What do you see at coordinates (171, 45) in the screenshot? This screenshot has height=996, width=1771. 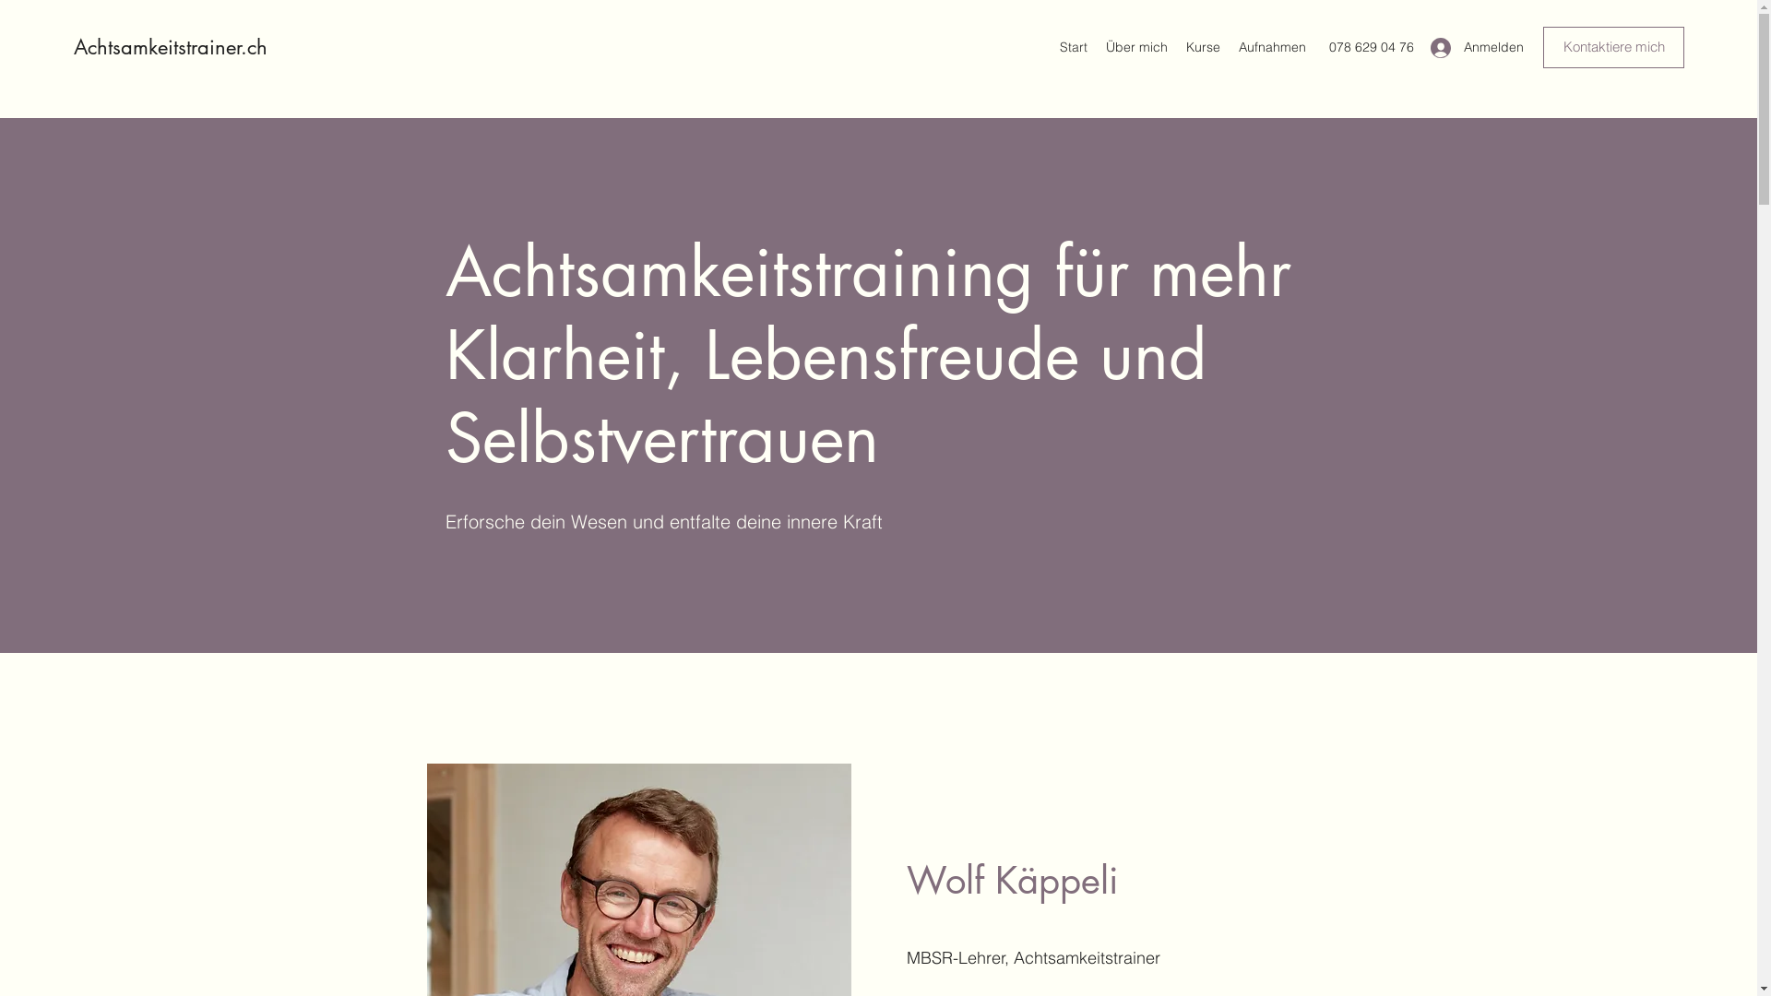 I see `'Achtsamkeitstrainer.ch'` at bounding box center [171, 45].